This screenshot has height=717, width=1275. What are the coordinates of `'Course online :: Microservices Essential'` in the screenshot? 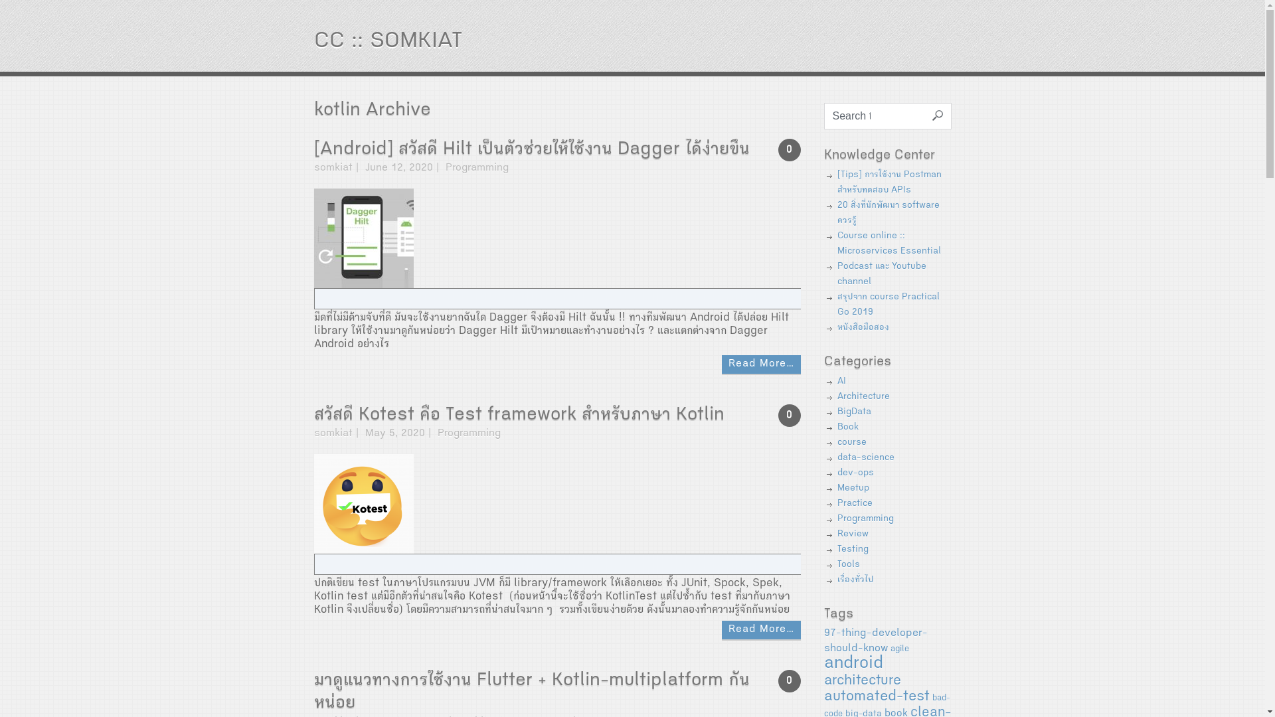 It's located at (889, 244).